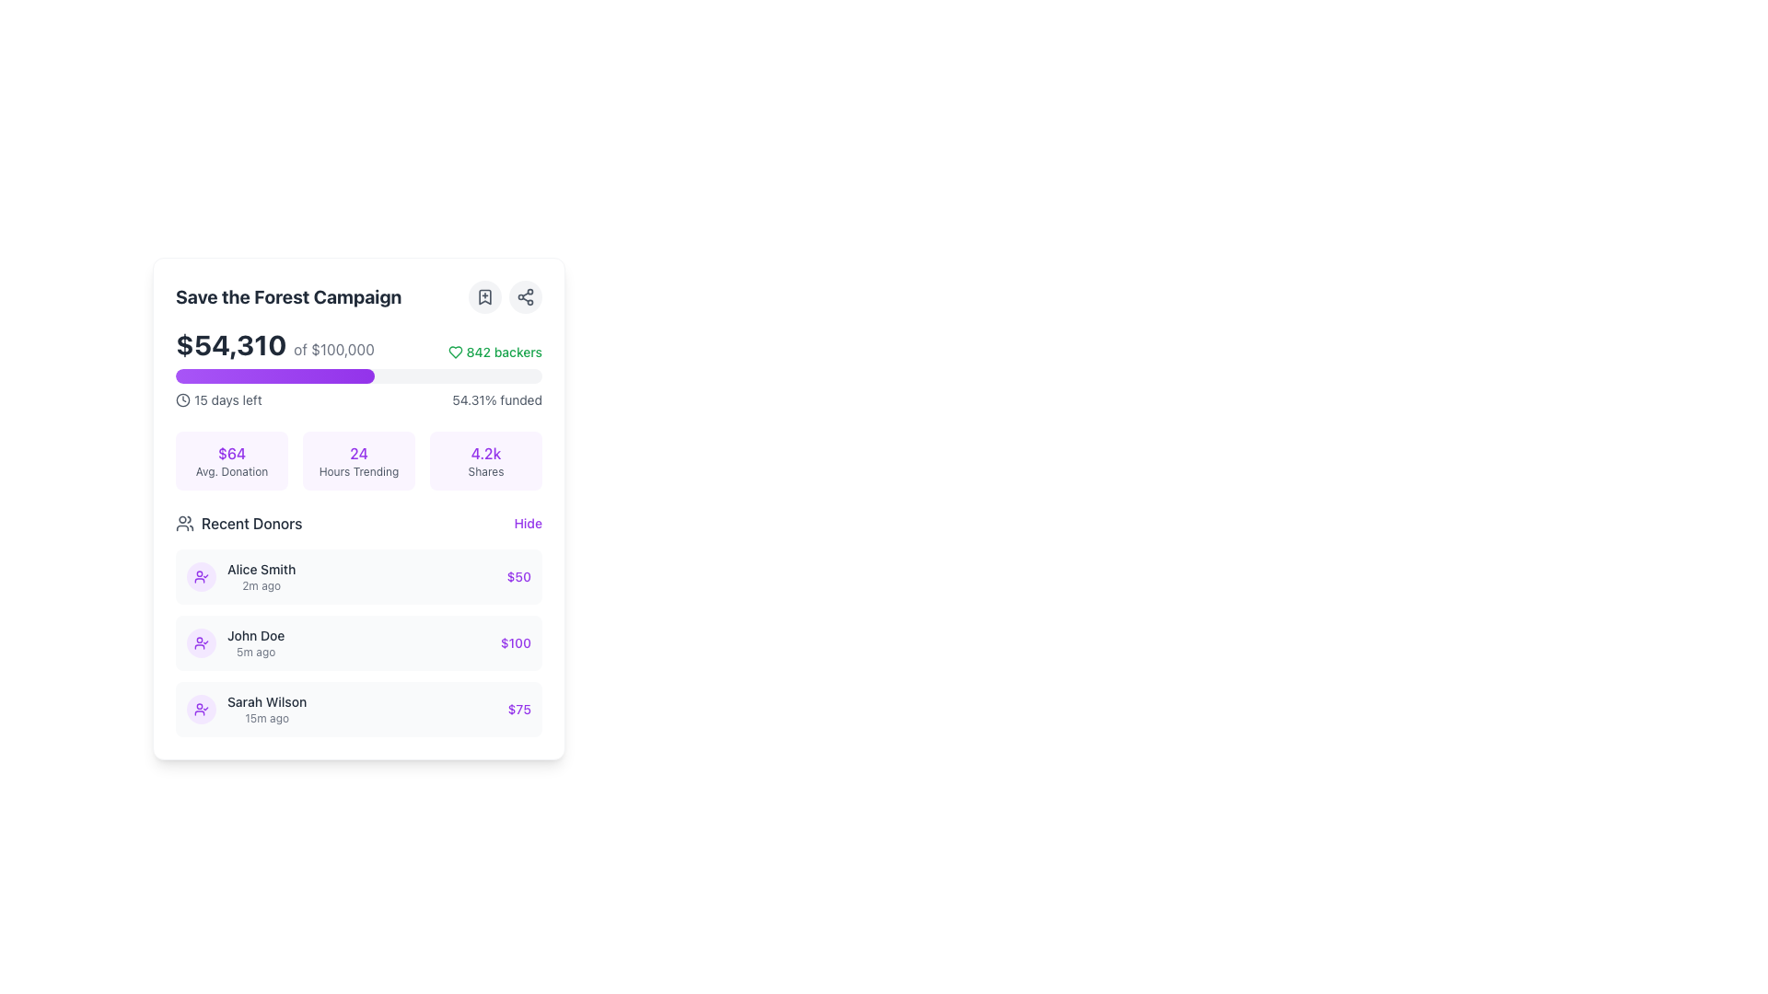  What do you see at coordinates (202, 641) in the screenshot?
I see `the small purple user profile icon with a check mark located to the left of 'Alice Smith' in the 'Recent Donors' list under the 'Save the Forest Campaign' panel` at bounding box center [202, 641].